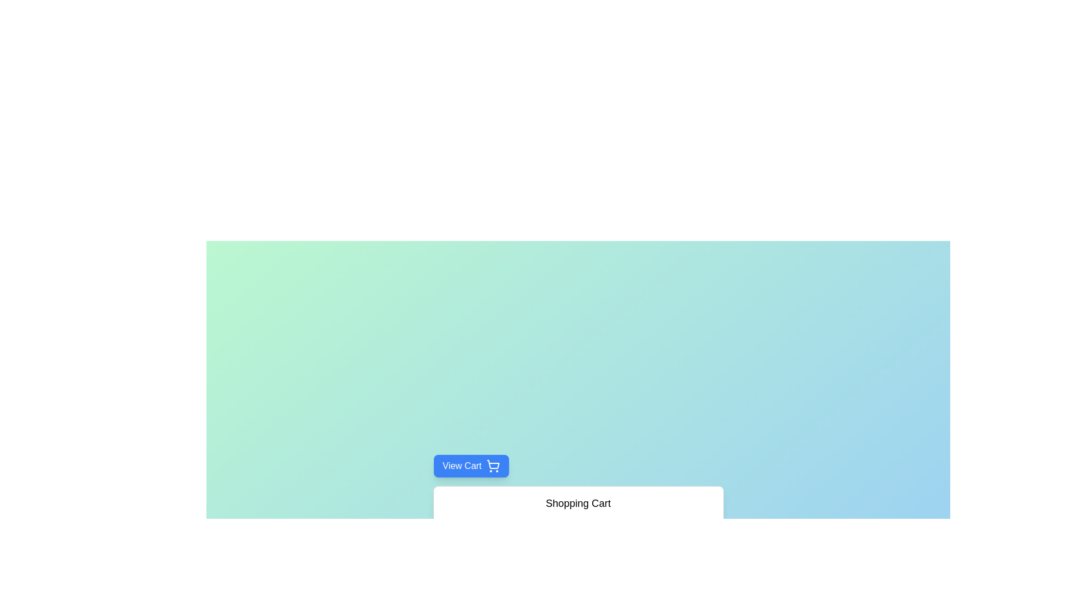 The height and width of the screenshot is (611, 1086). What do you see at coordinates (493, 464) in the screenshot?
I see `the shopping cart icon within the 'View Cart' button` at bounding box center [493, 464].